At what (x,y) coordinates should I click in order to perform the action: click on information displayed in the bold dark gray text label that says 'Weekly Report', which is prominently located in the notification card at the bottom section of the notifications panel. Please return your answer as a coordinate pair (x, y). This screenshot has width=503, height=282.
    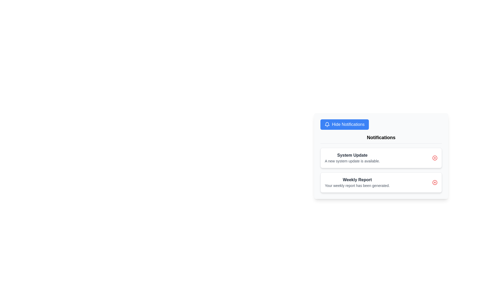
    Looking at the image, I should click on (357, 180).